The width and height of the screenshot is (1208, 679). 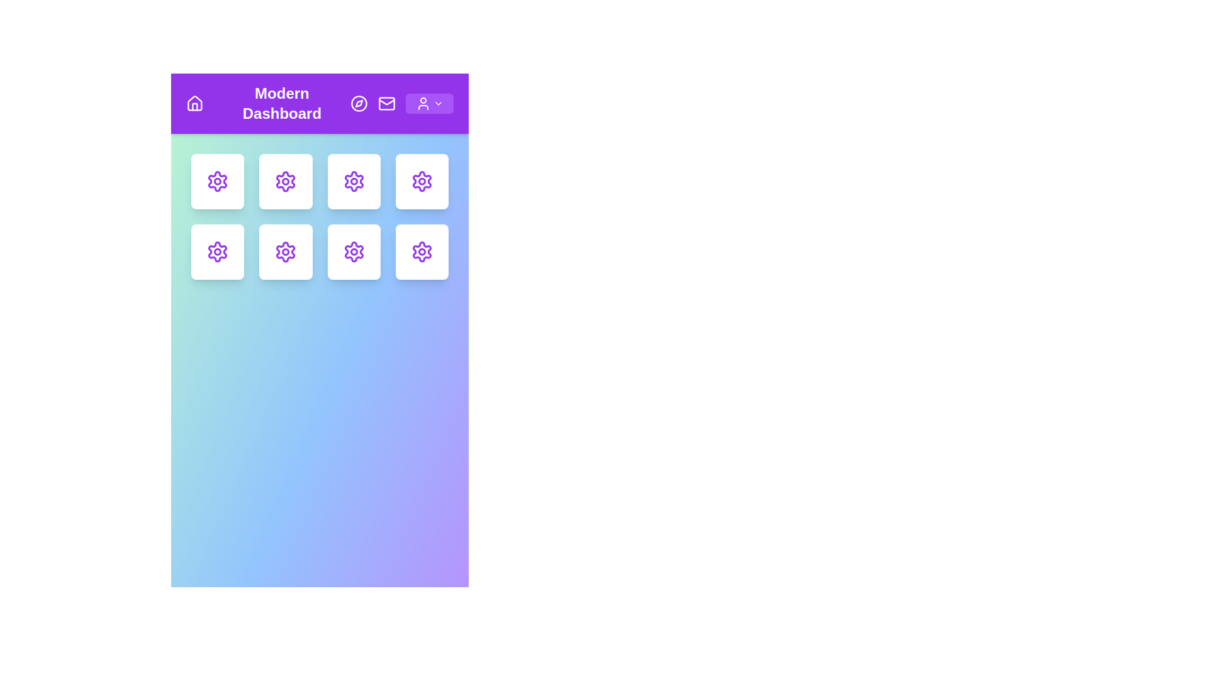 What do you see at coordinates (359, 103) in the screenshot?
I see `the Compass navigation icon` at bounding box center [359, 103].